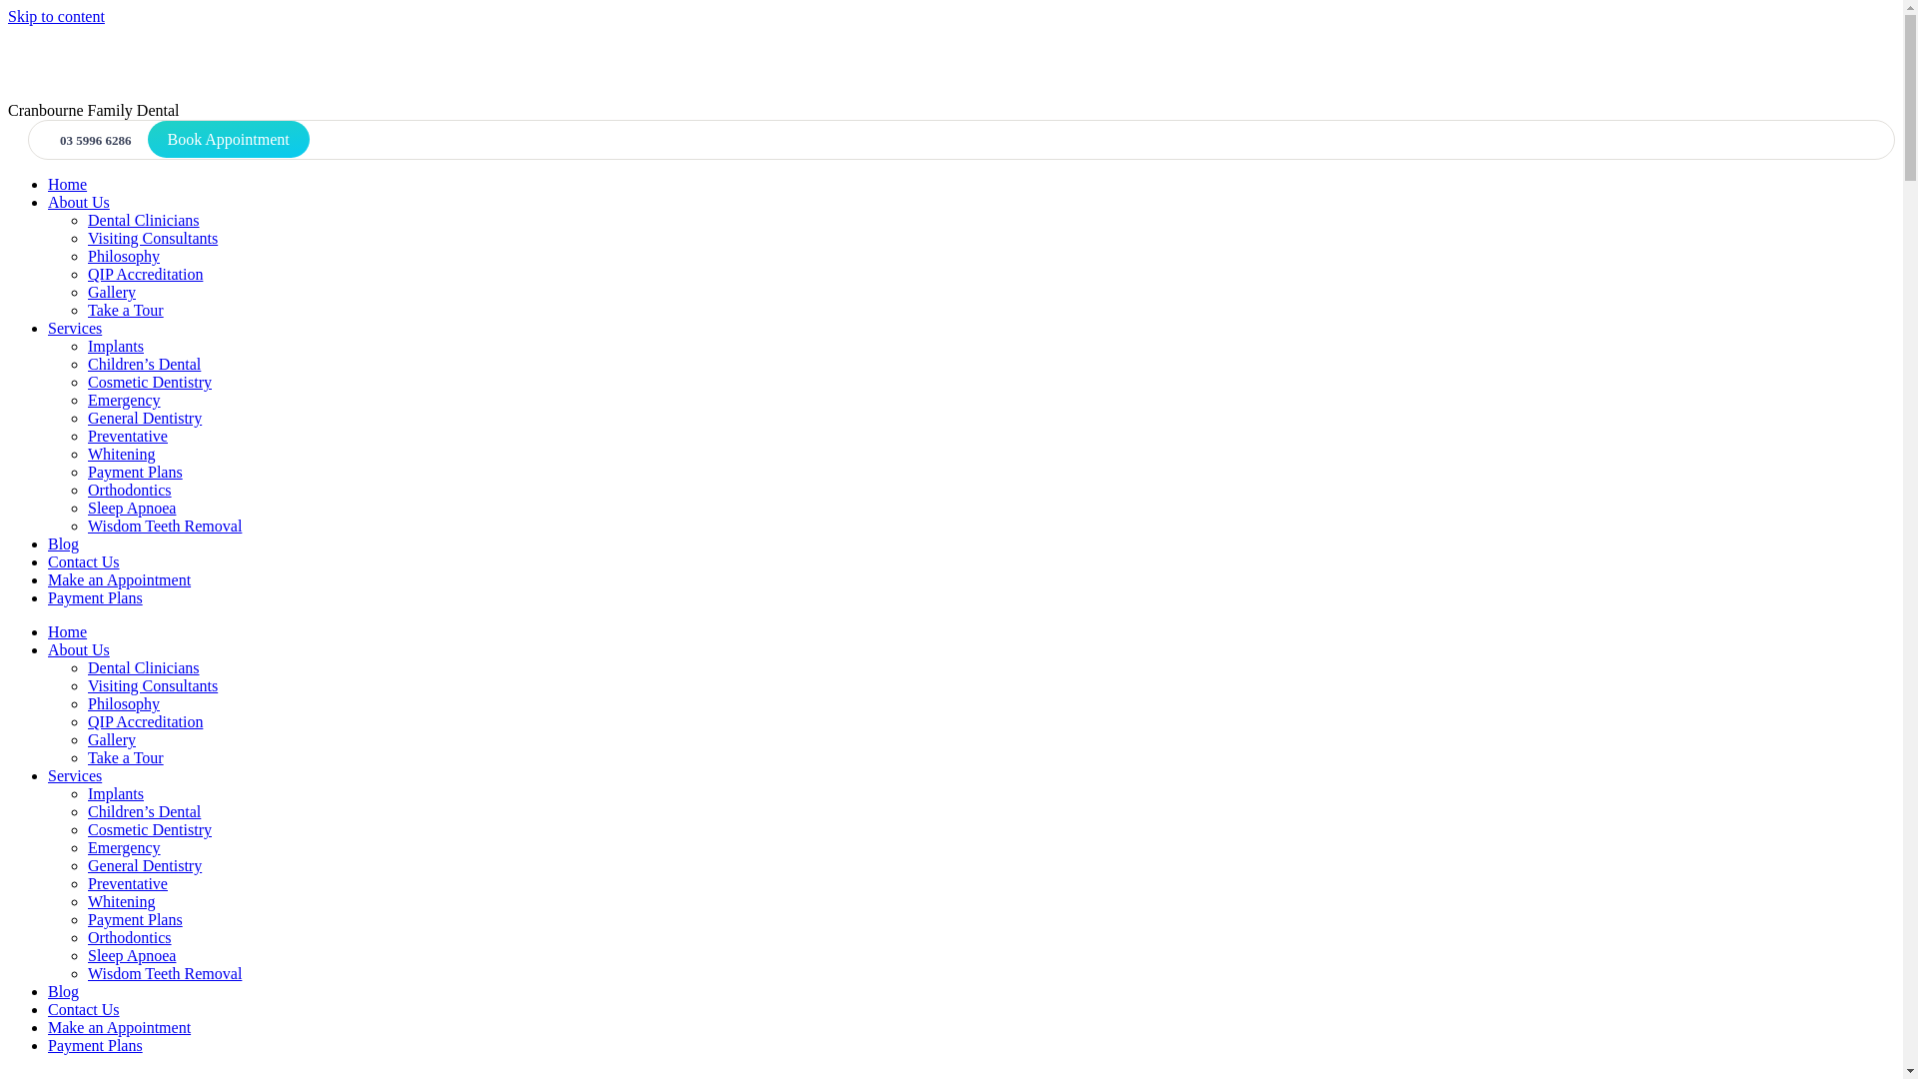 The image size is (1918, 1079). Describe the element at coordinates (143, 417) in the screenshot. I see `'General Dentistry'` at that location.